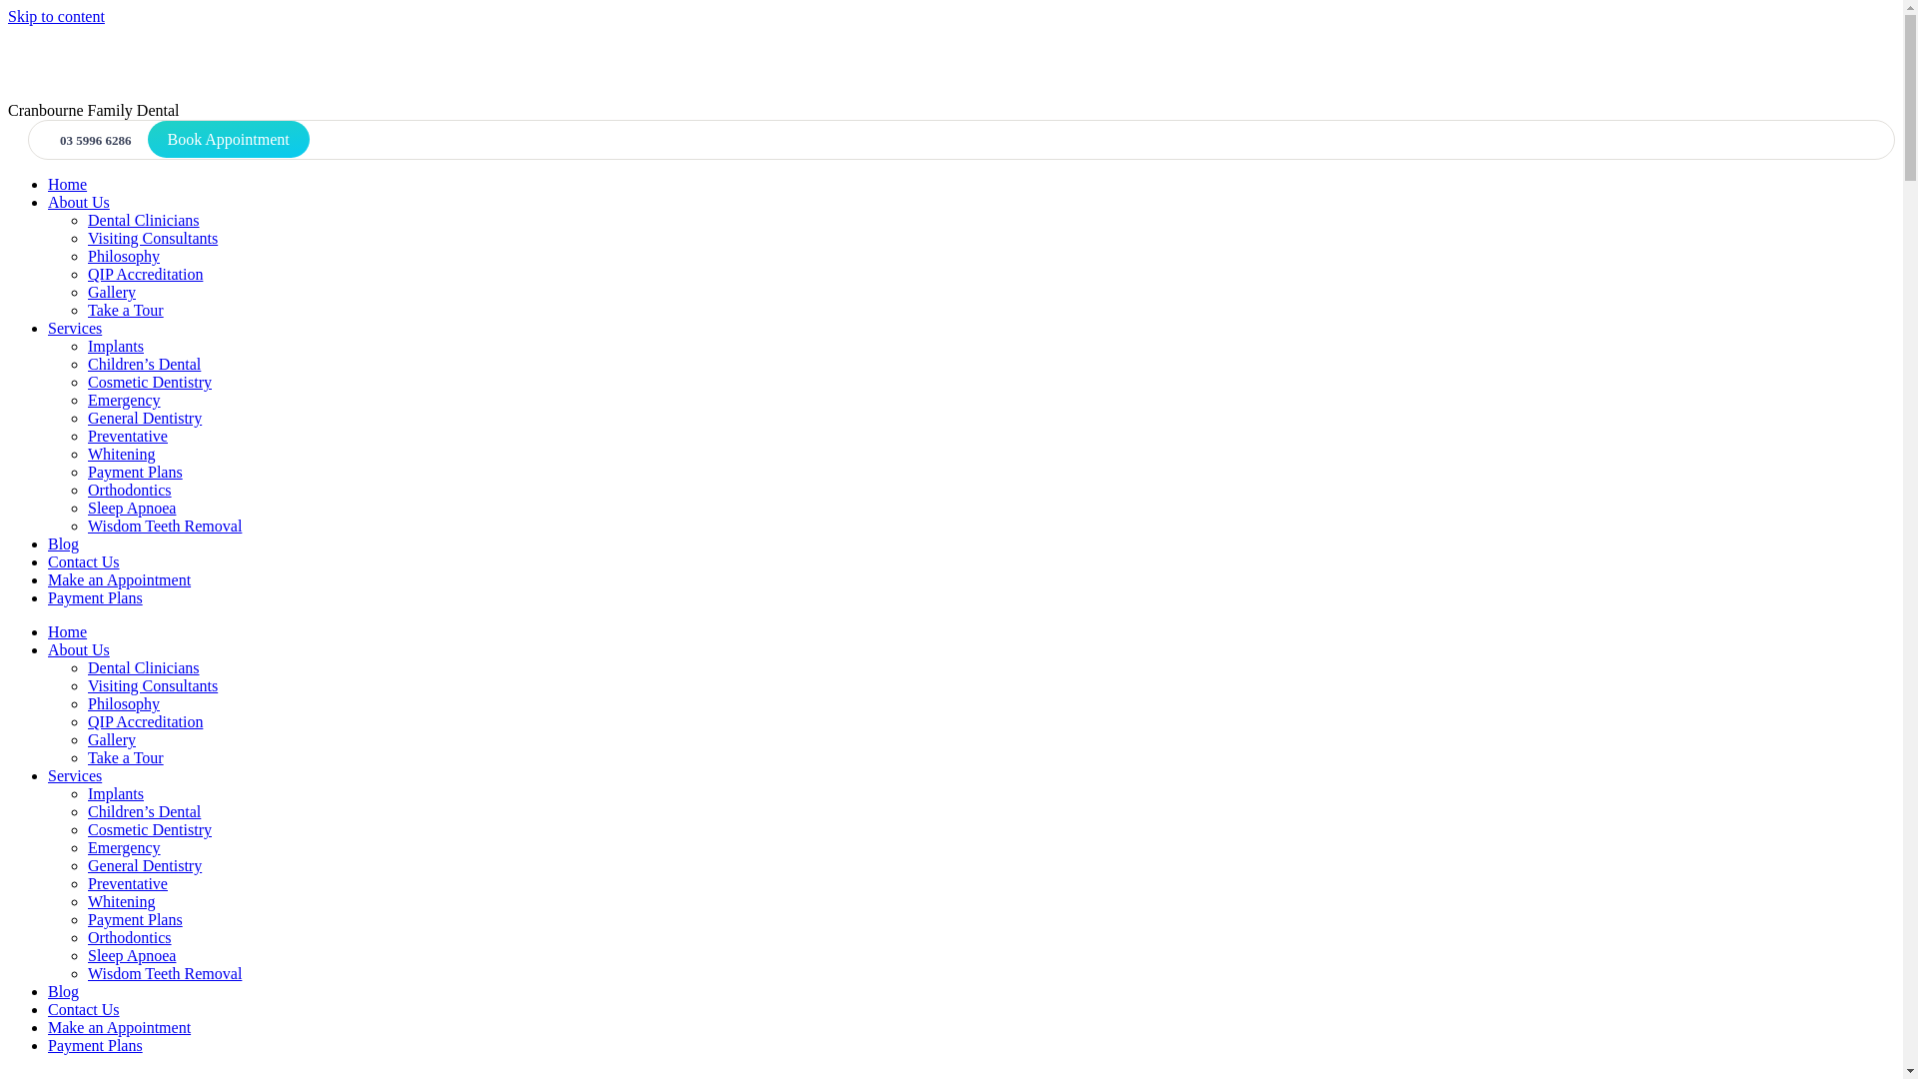 The image size is (1918, 1079). Describe the element at coordinates (143, 417) in the screenshot. I see `'General Dentistry'` at that location.